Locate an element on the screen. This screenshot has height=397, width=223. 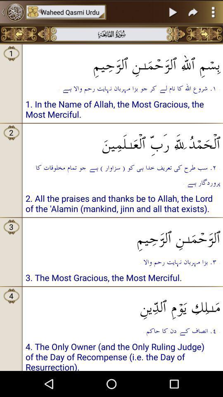
show more options is located at coordinates (213, 12).